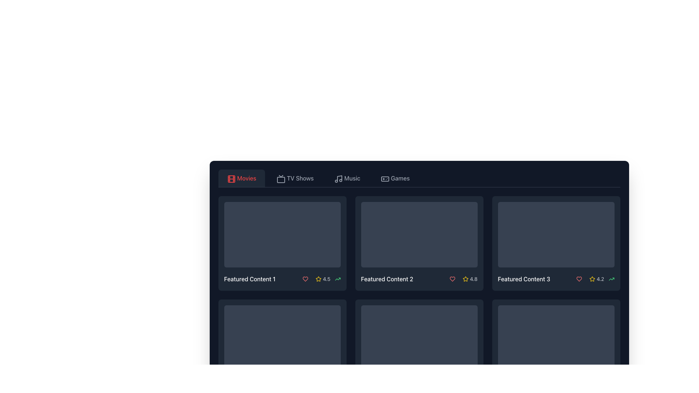 The height and width of the screenshot is (393, 699). Describe the element at coordinates (241, 178) in the screenshot. I see `the 'Movies' button, which is a rectangular button with rounded corners, dark gray background, and red text, located at the top left of the navigation bar` at that location.